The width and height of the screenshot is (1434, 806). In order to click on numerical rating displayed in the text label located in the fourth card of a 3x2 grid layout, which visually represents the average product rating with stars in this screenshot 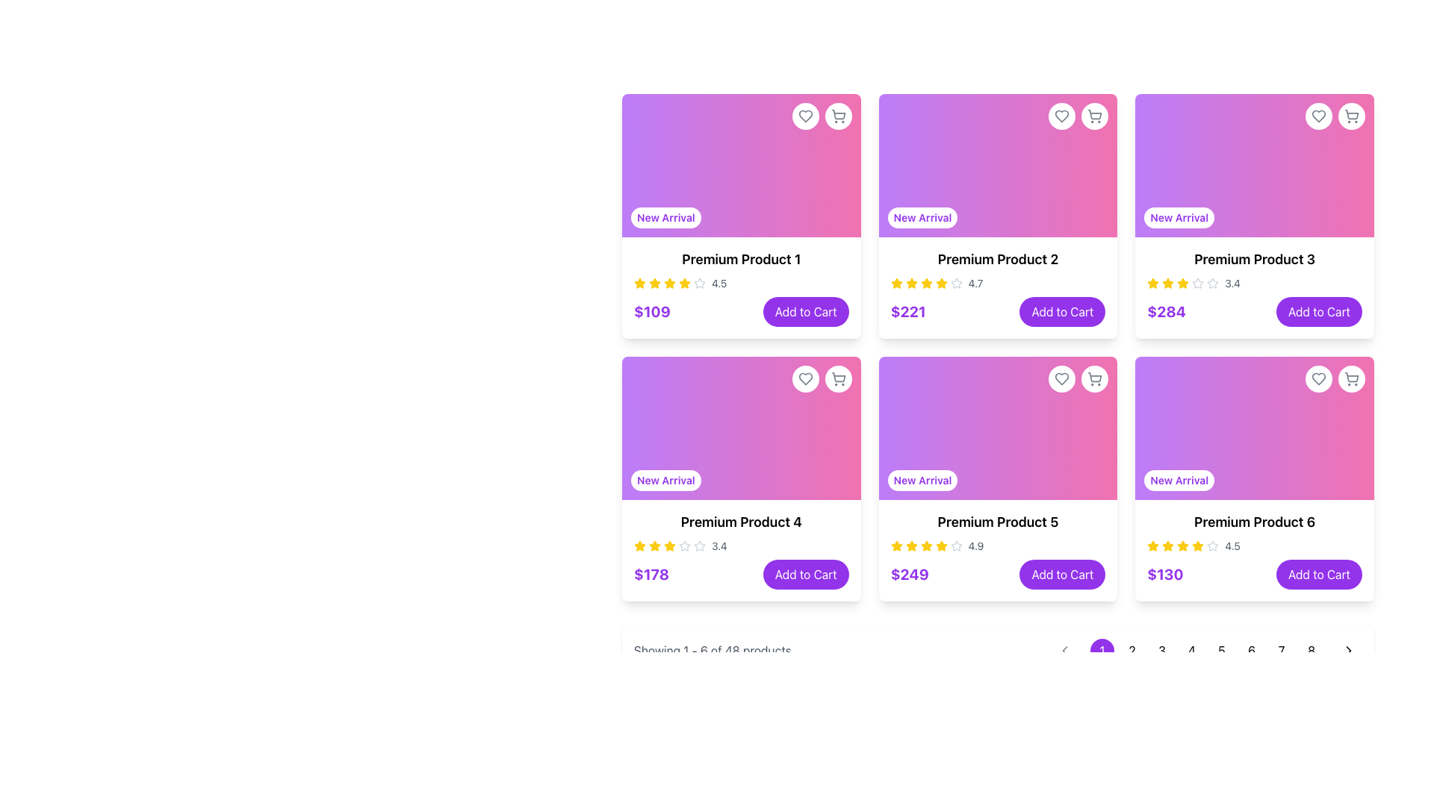, I will do `click(1232, 284)`.